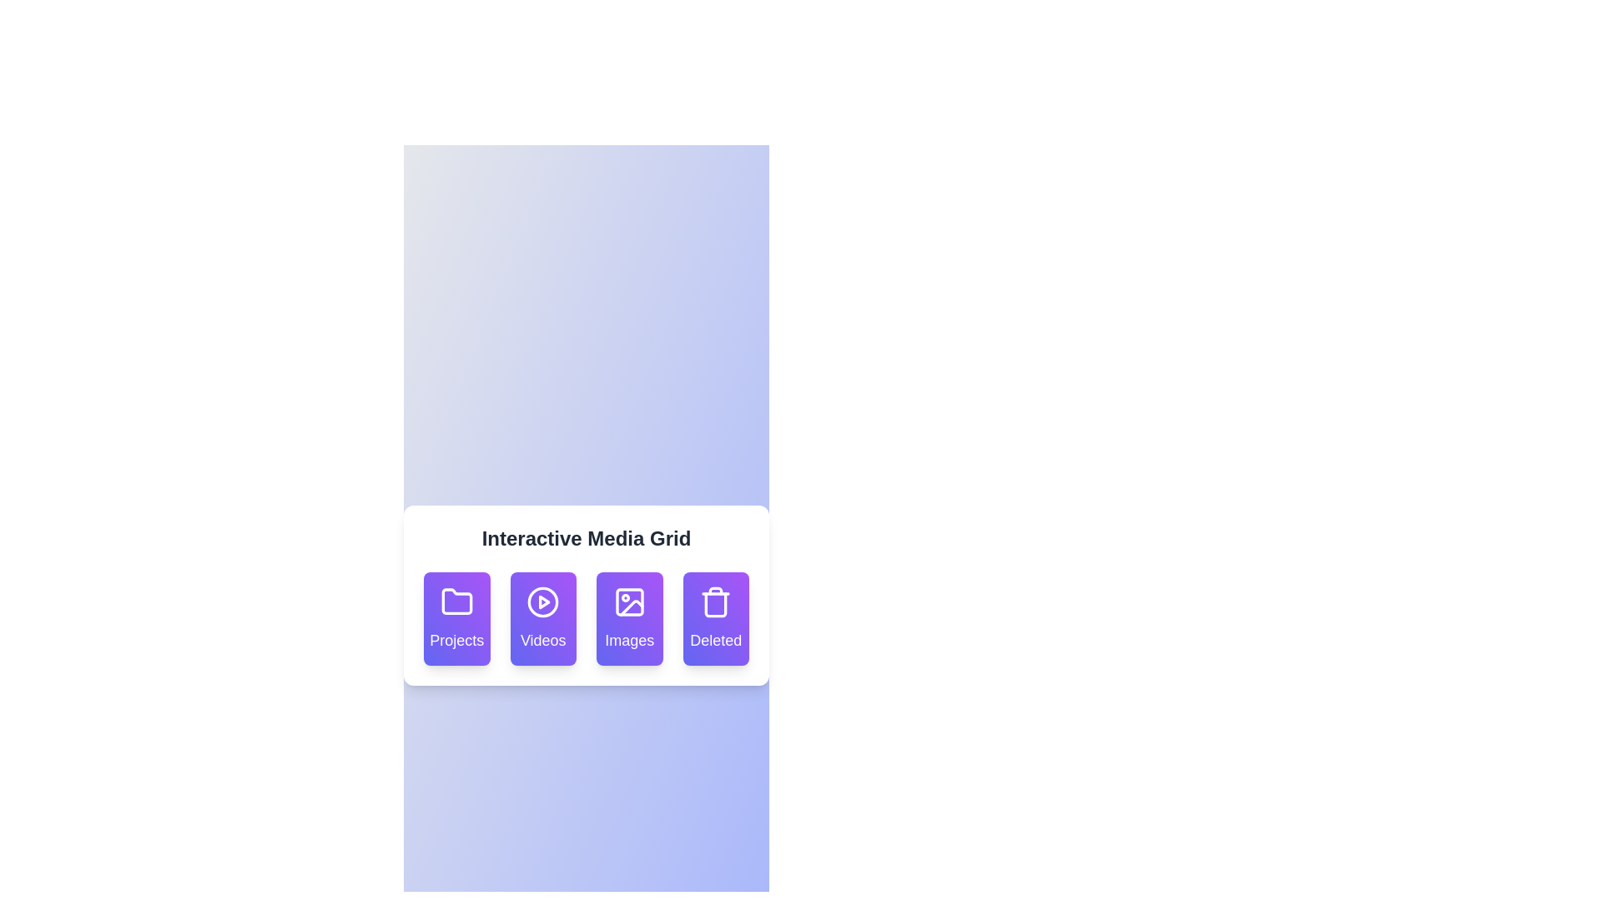  What do you see at coordinates (628, 639) in the screenshot?
I see `text 'Images' from the label located at the bottom of the purple button in the Interactive Media Grid card layout` at bounding box center [628, 639].